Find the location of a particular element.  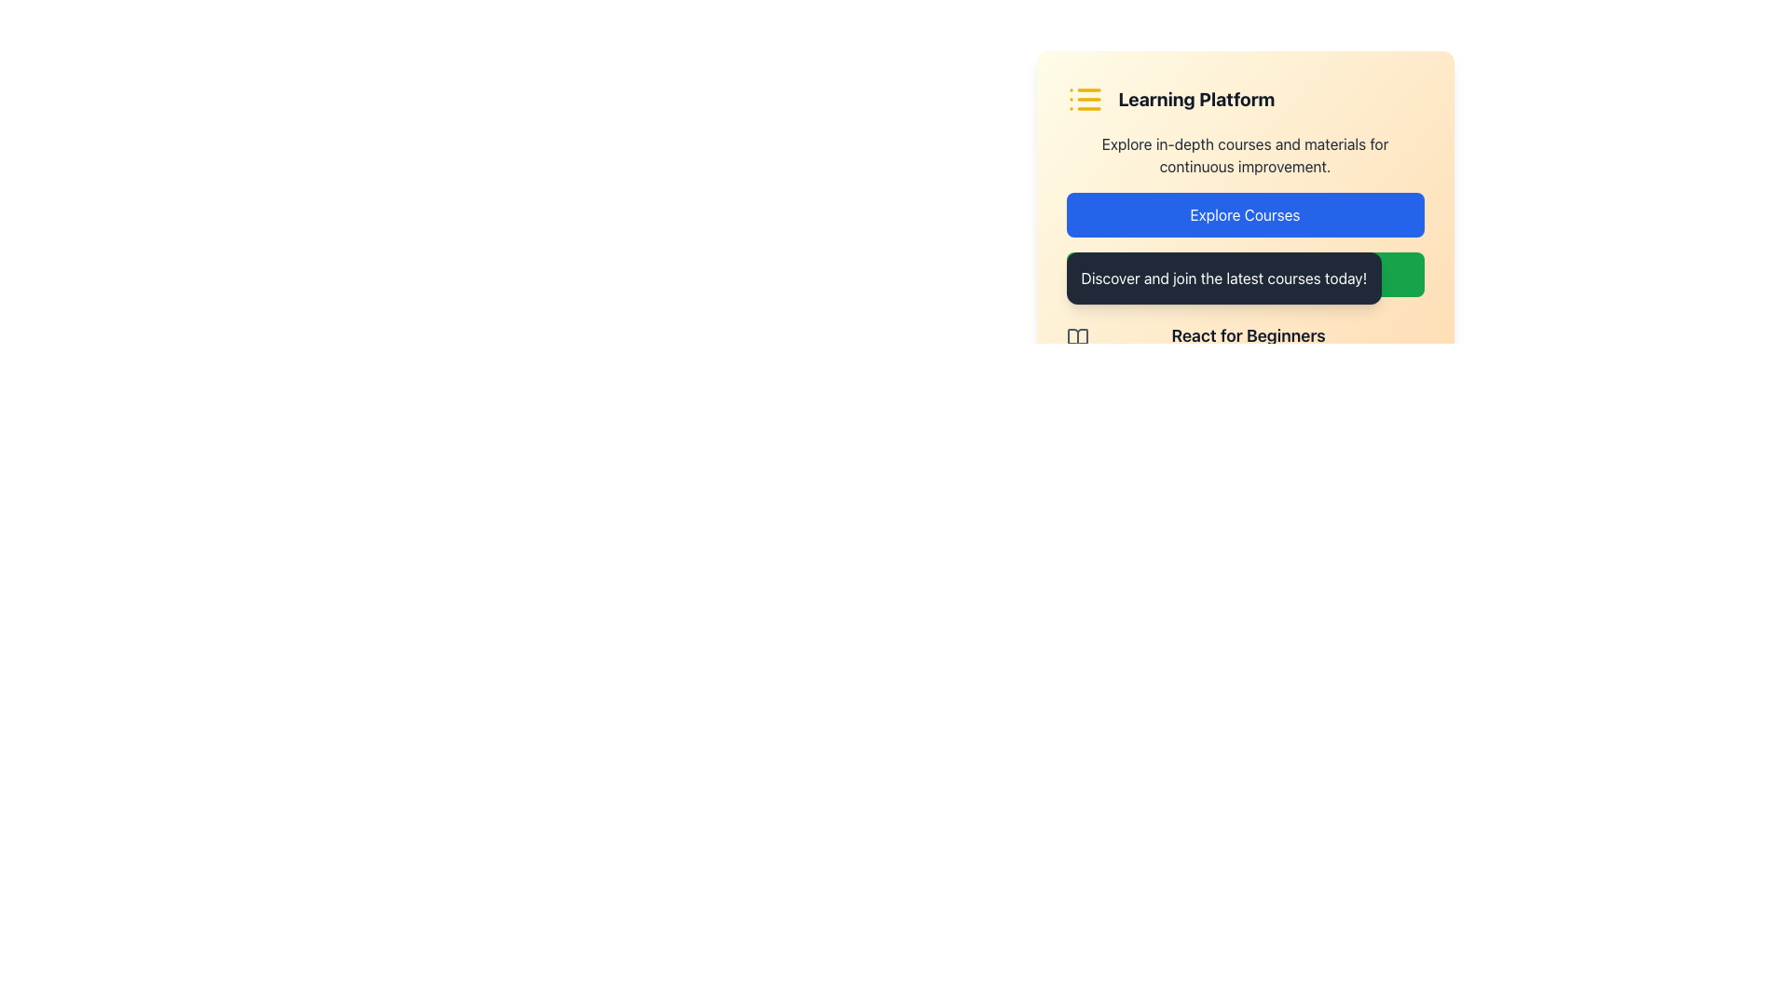

the open book icon, which has a thin stroke outline and is styled in gray color is located at coordinates (1077, 337).